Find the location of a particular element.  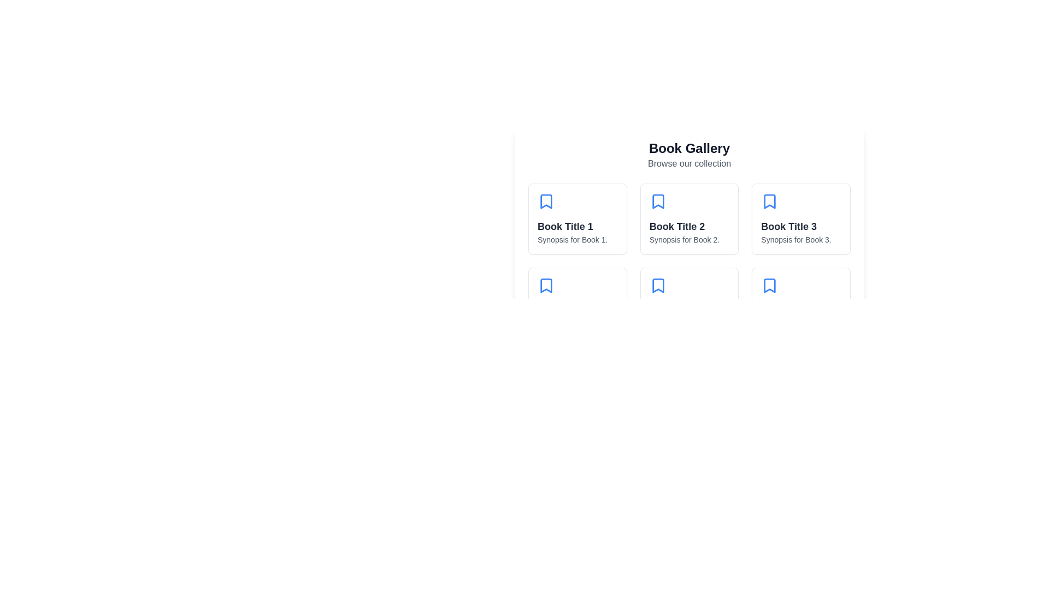

the blue bookmark icon located at the top left of the 'Book Title 3' card, directly above the title text 'Book Title 3' is located at coordinates (769, 202).